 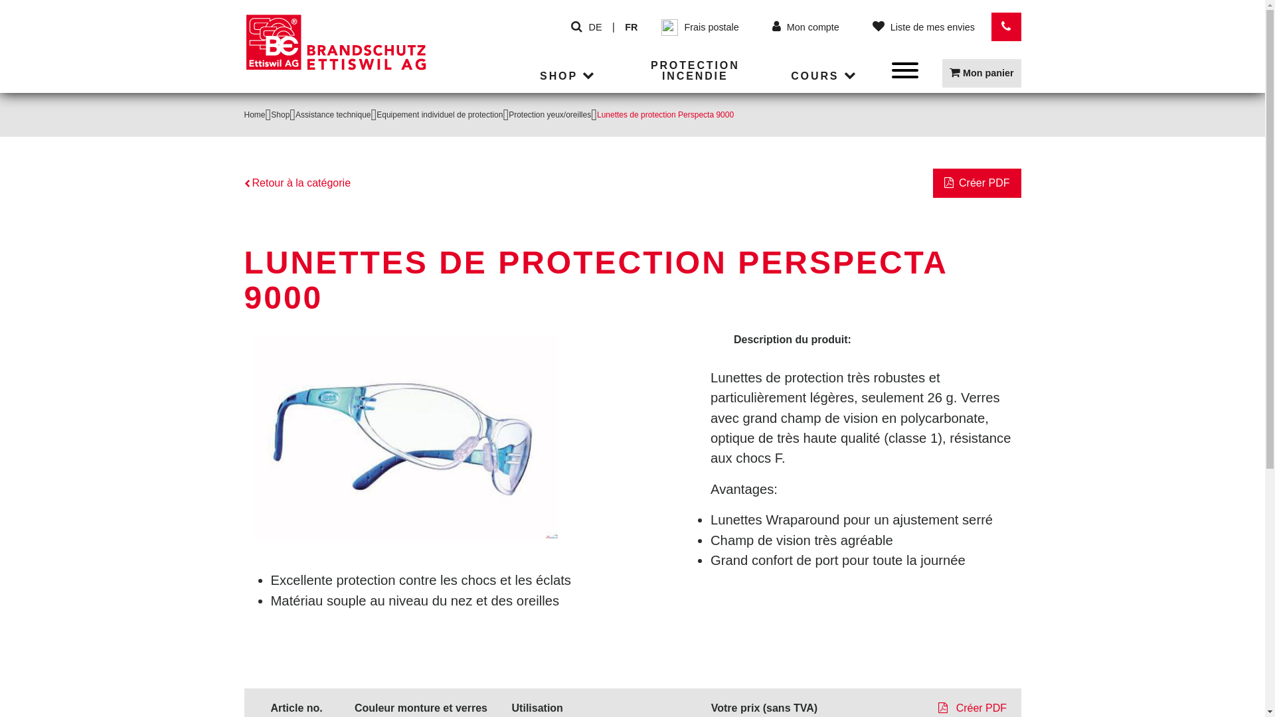 What do you see at coordinates (336, 41) in the screenshot?
I see `'Magento Commerce'` at bounding box center [336, 41].